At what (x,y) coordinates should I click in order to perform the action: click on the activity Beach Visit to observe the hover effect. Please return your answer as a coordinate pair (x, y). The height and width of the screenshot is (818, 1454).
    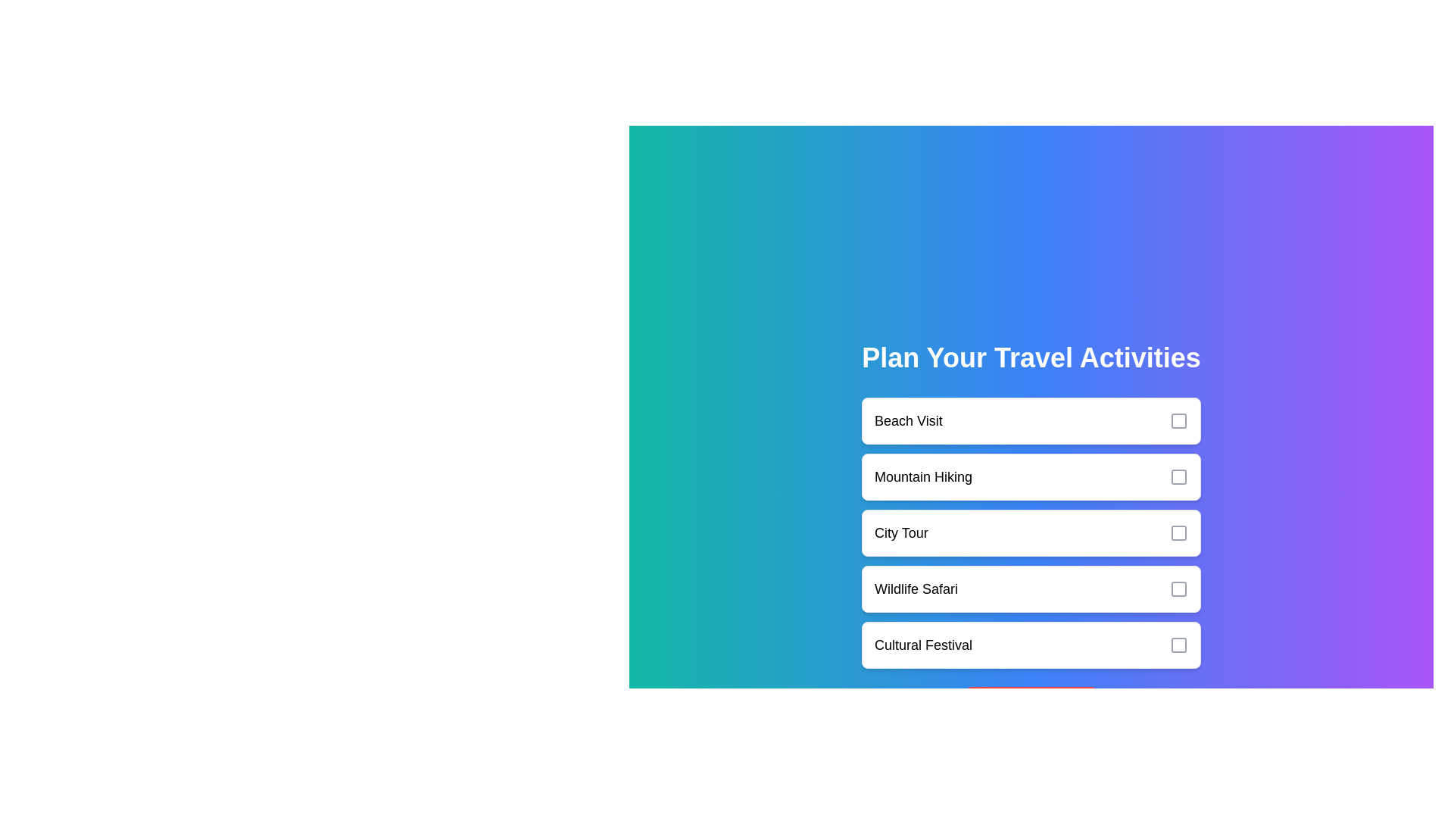
    Looking at the image, I should click on (1031, 420).